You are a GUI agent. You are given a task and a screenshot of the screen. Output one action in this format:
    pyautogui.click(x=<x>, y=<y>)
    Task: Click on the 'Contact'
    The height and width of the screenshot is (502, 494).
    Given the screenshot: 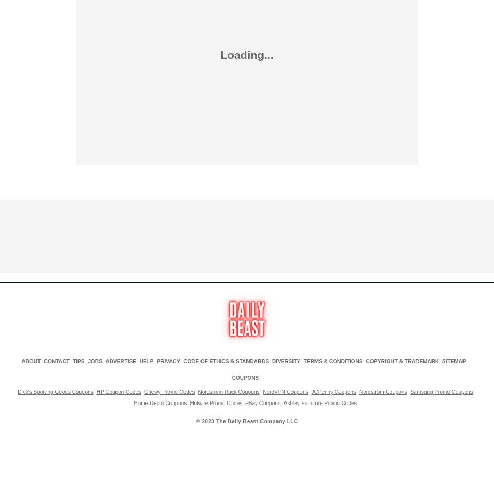 What is the action you would take?
    pyautogui.click(x=56, y=361)
    